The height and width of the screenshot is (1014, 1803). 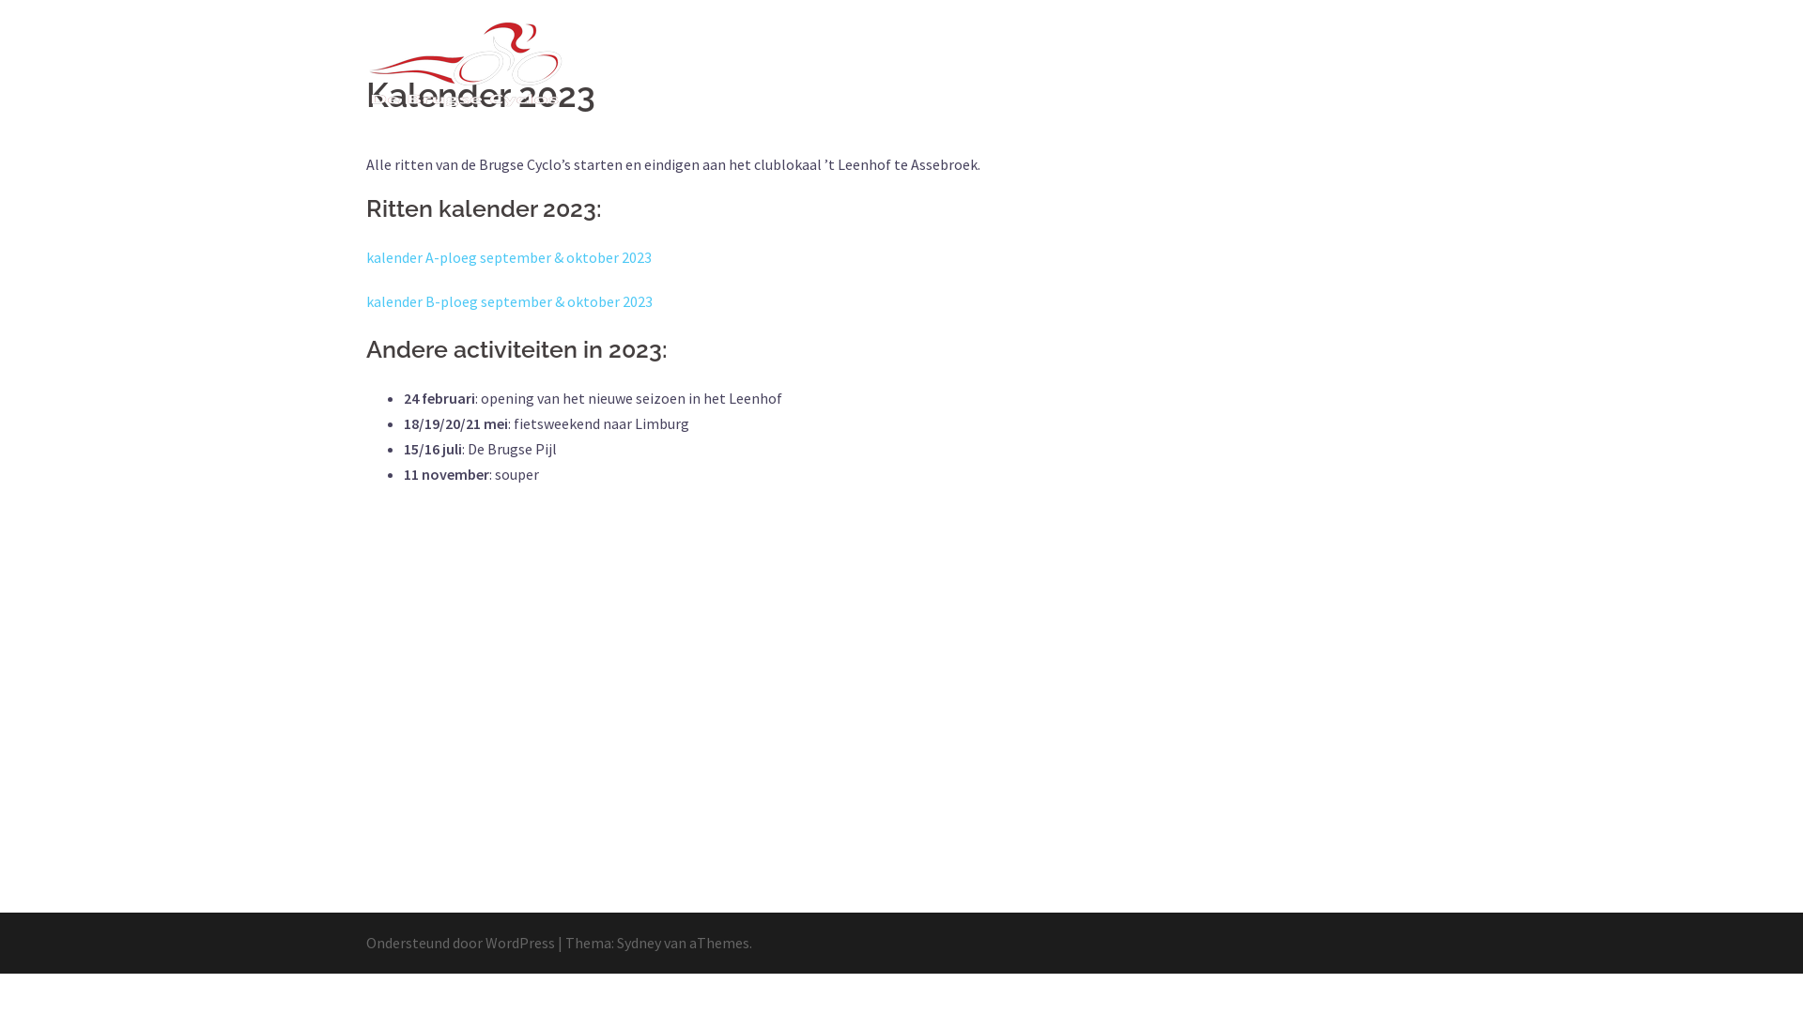 I want to click on 'kalender B-ploeg september & oktober 2023', so click(x=509, y=300).